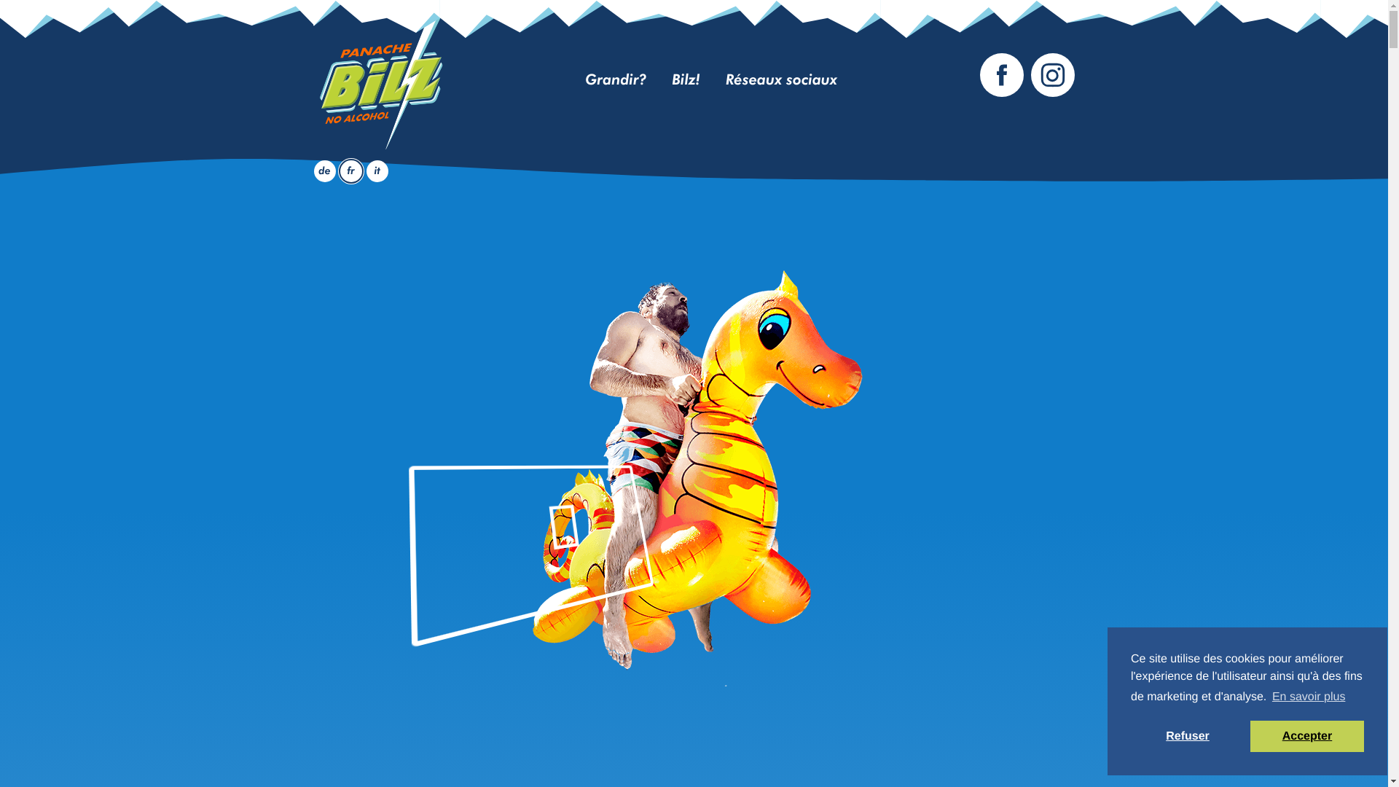  Describe the element at coordinates (324, 171) in the screenshot. I see `'de'` at that location.